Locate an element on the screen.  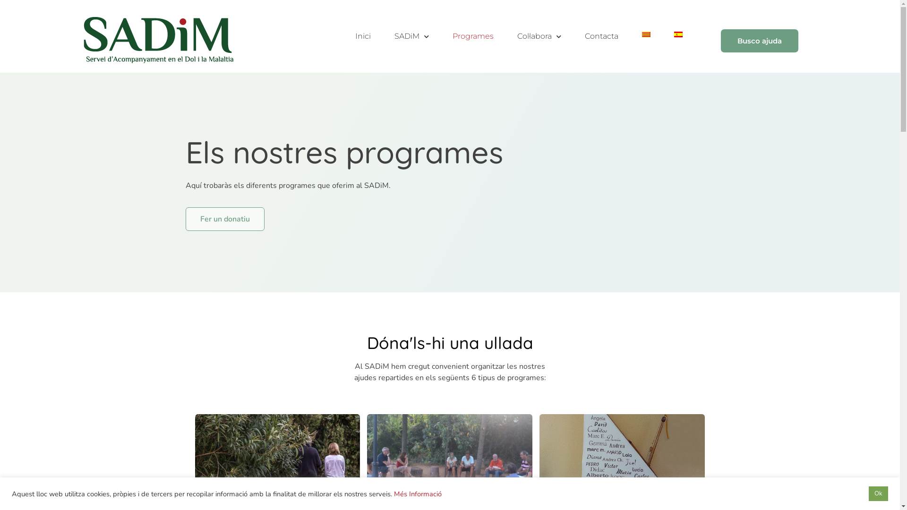
'Contacta' is located at coordinates (601, 36).